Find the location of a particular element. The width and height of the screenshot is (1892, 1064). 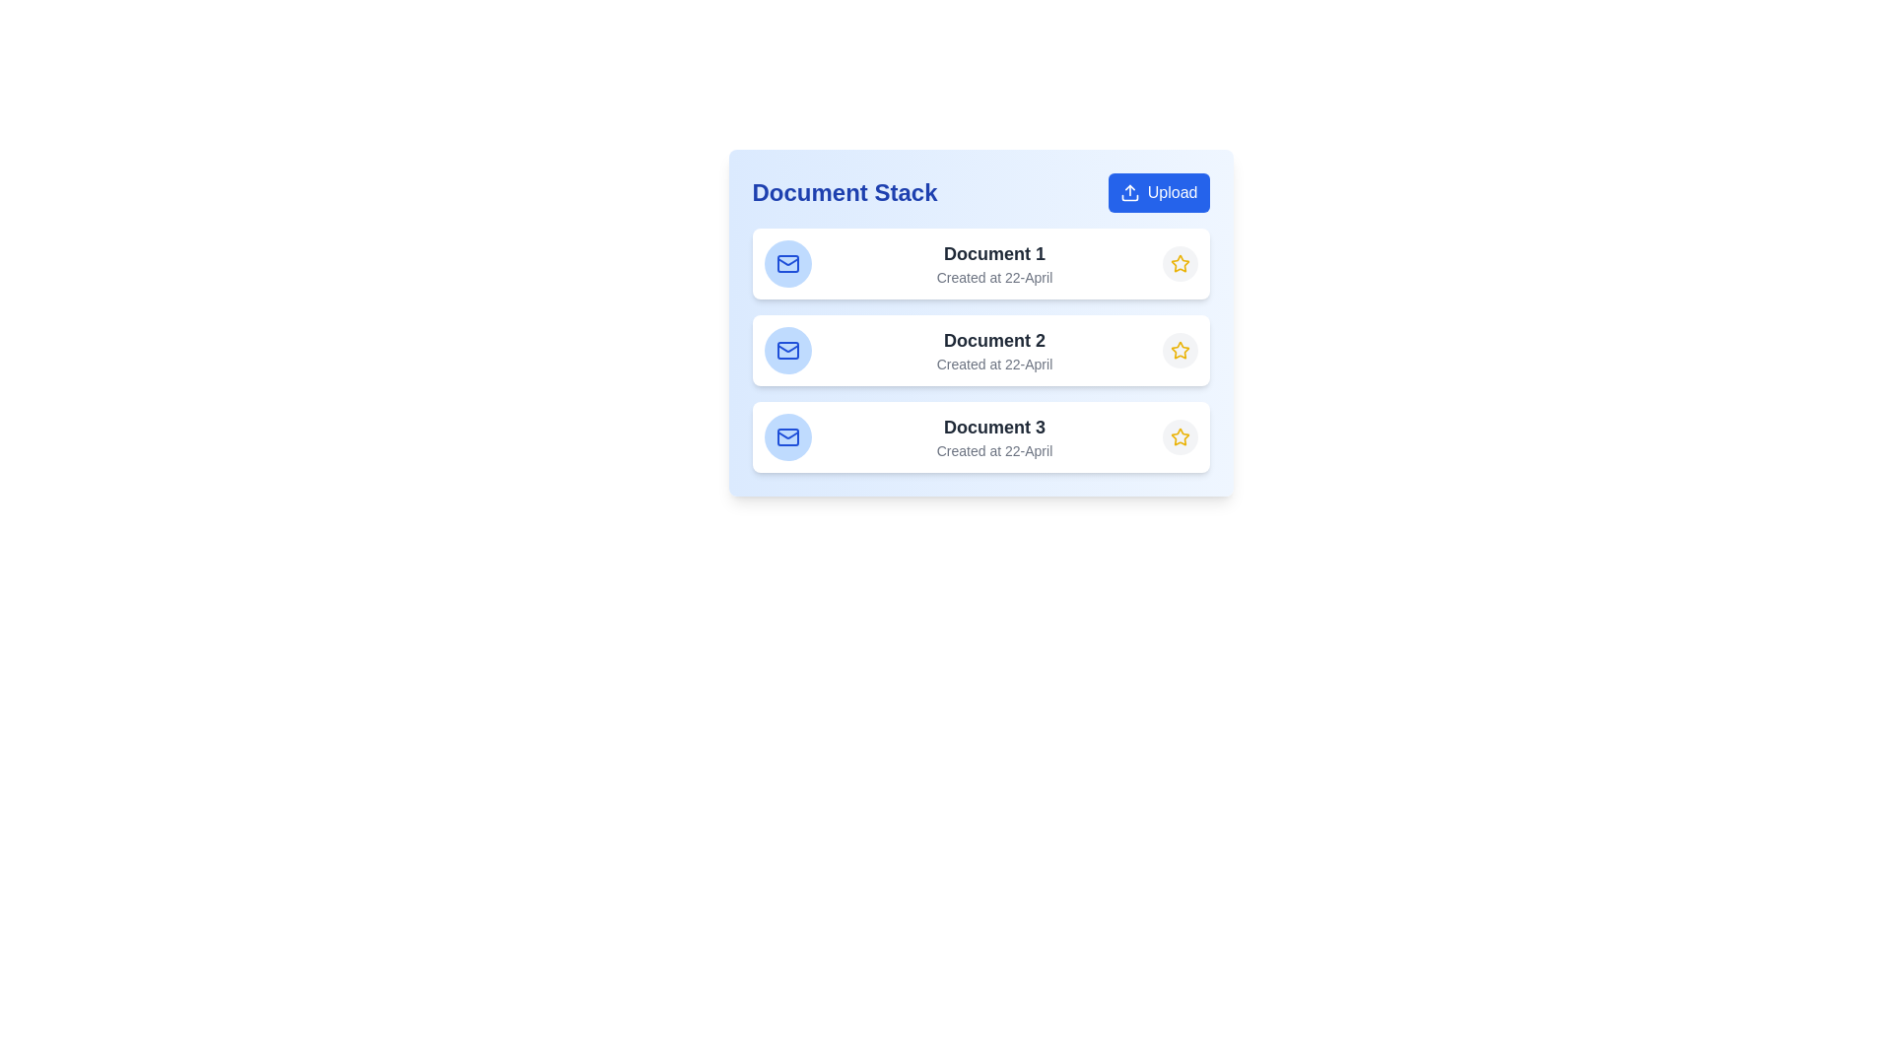

the text label indicating 'Document 2' is located at coordinates (994, 349).